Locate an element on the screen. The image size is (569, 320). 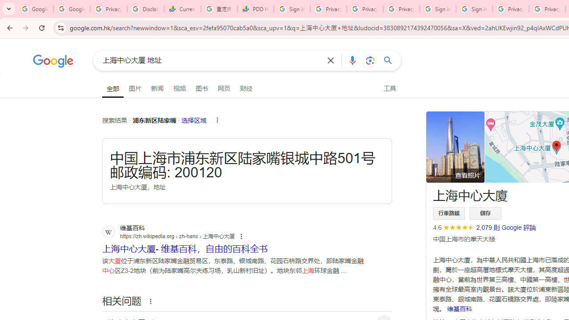
'Currencies - Google Finance' is located at coordinates (182, 9).